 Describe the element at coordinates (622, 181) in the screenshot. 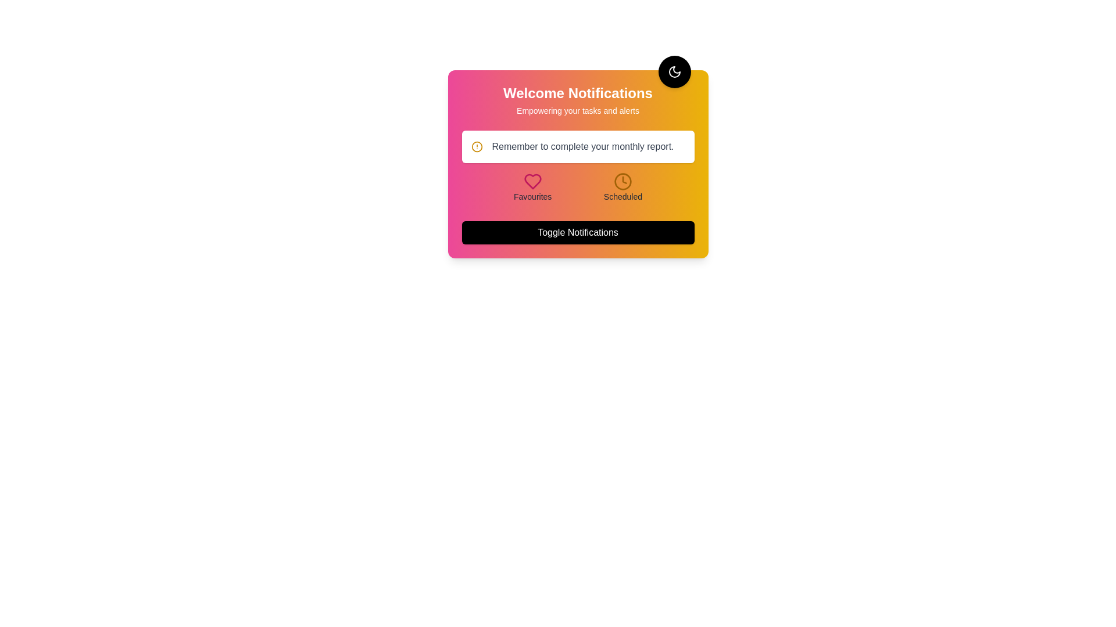

I see `the circular border of the clock icon, which is located on the right side of the 'Scheduled' label in the notification card` at that location.